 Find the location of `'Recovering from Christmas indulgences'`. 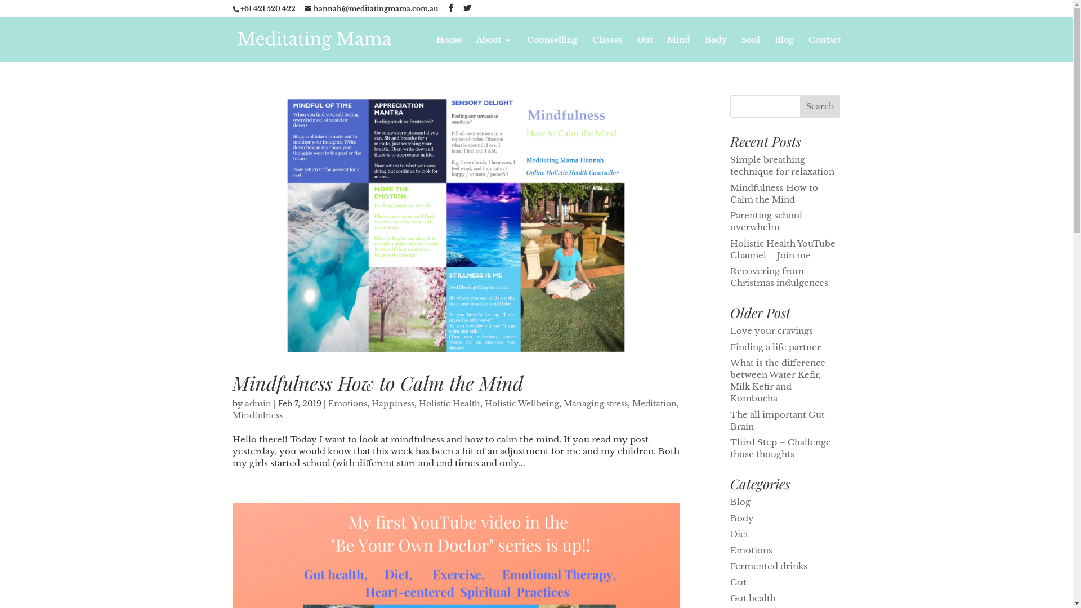

'Recovering from Christmas indulgences' is located at coordinates (778, 277).